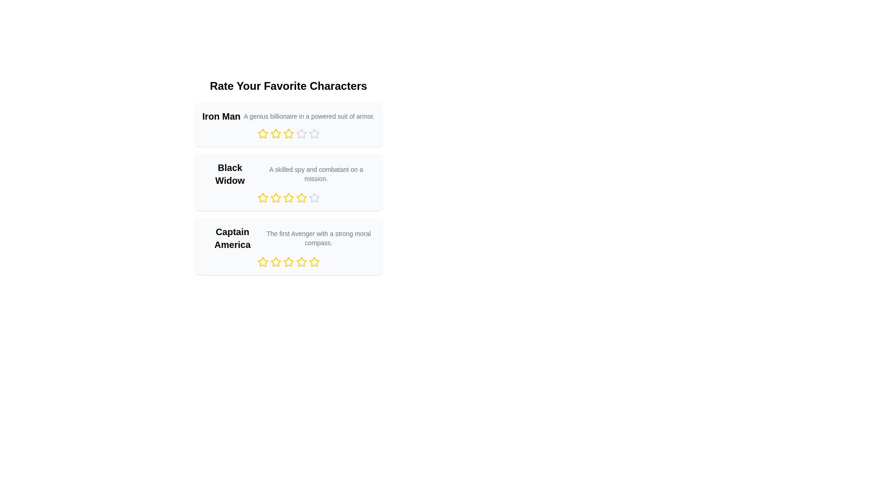 This screenshot has width=880, height=495. What do you see at coordinates (288, 134) in the screenshot?
I see `the third star in the rating system for 'Iron Man'` at bounding box center [288, 134].